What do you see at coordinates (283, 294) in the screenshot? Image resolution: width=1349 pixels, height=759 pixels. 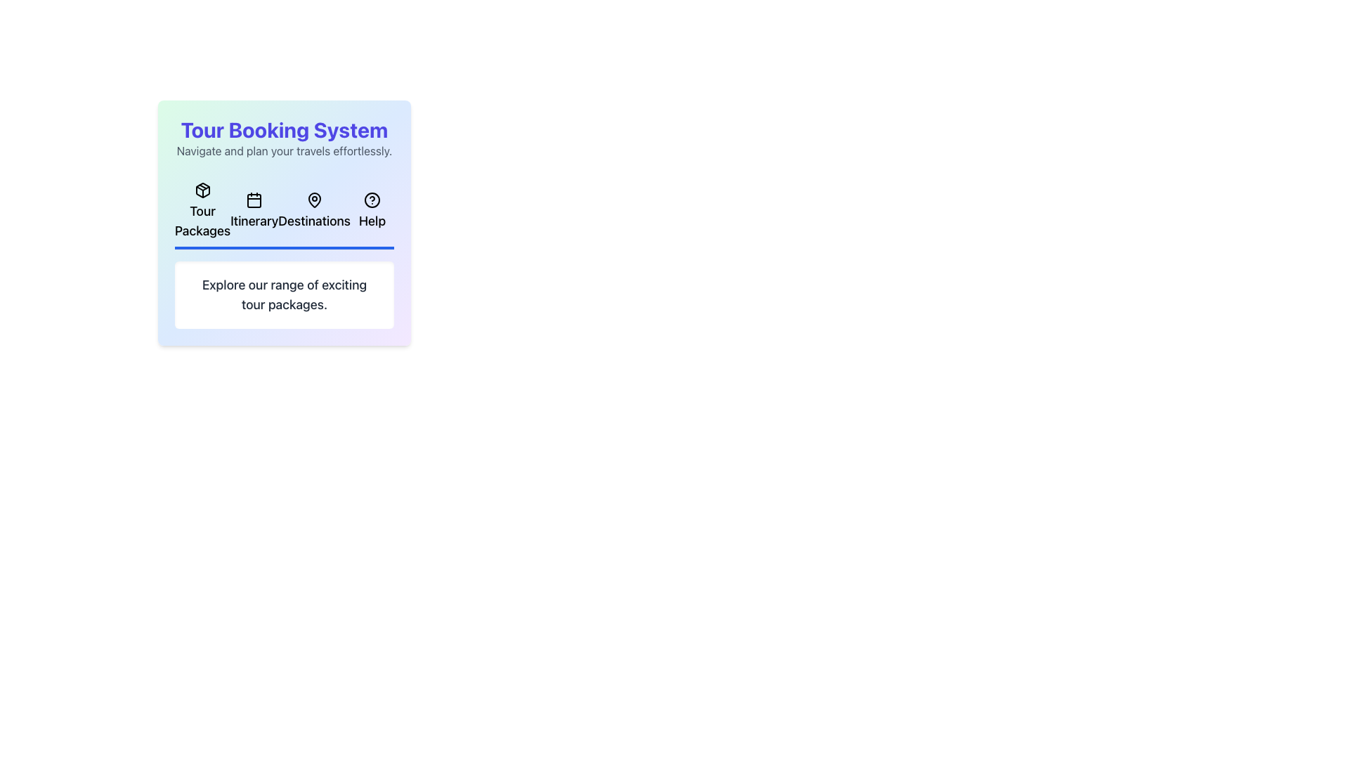 I see `the text label that contains the statement 'Explore our range of exciting tour packages.' positioned below the navigation tabs in a light gradient panel` at bounding box center [283, 294].